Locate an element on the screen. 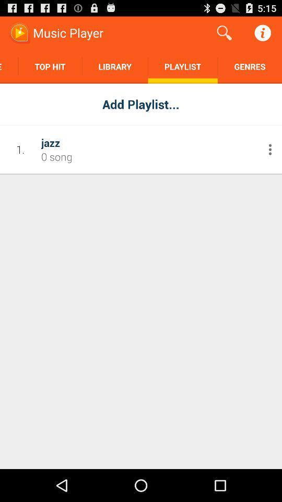  the button which is next to the music player is located at coordinates (224, 33).